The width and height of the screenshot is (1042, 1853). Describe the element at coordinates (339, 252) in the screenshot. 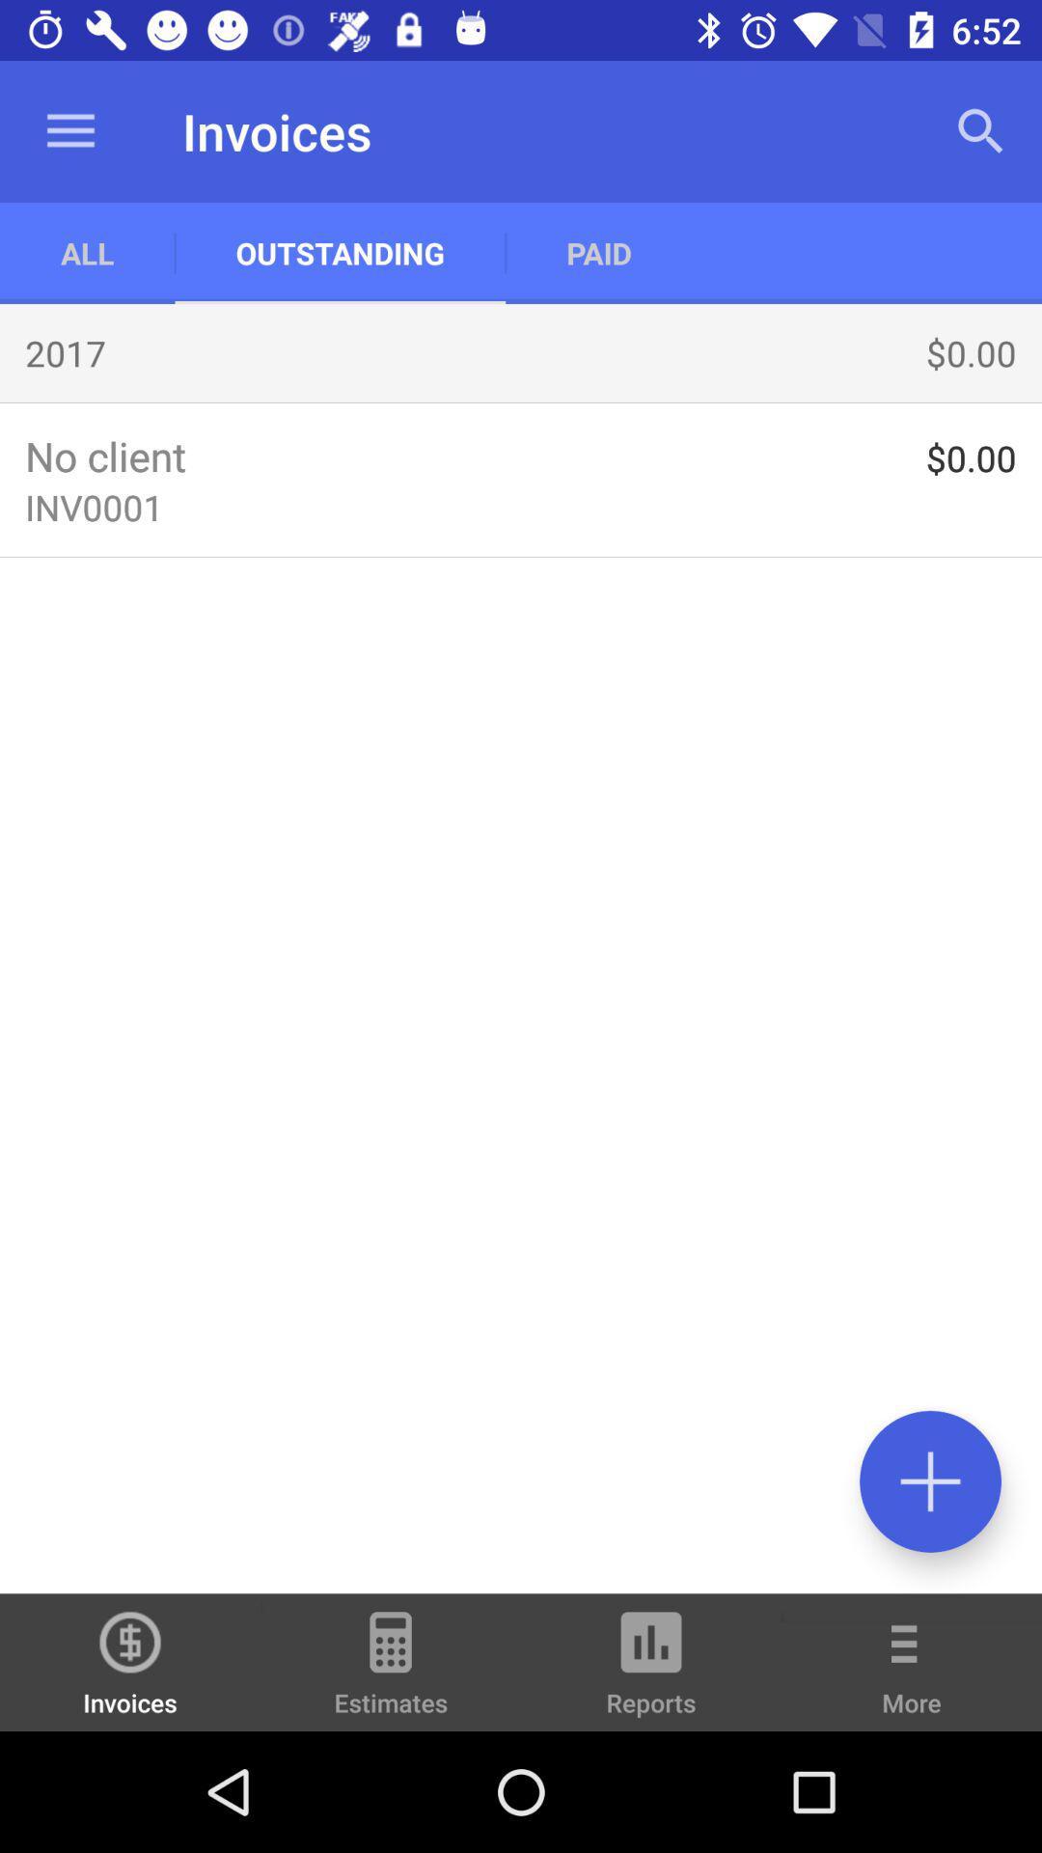

I see `app to the right of all` at that location.